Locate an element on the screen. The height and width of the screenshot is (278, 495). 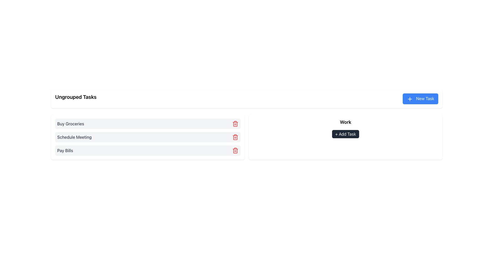
the '+ Add Task' button located under the 'Work' section is located at coordinates (345, 128).